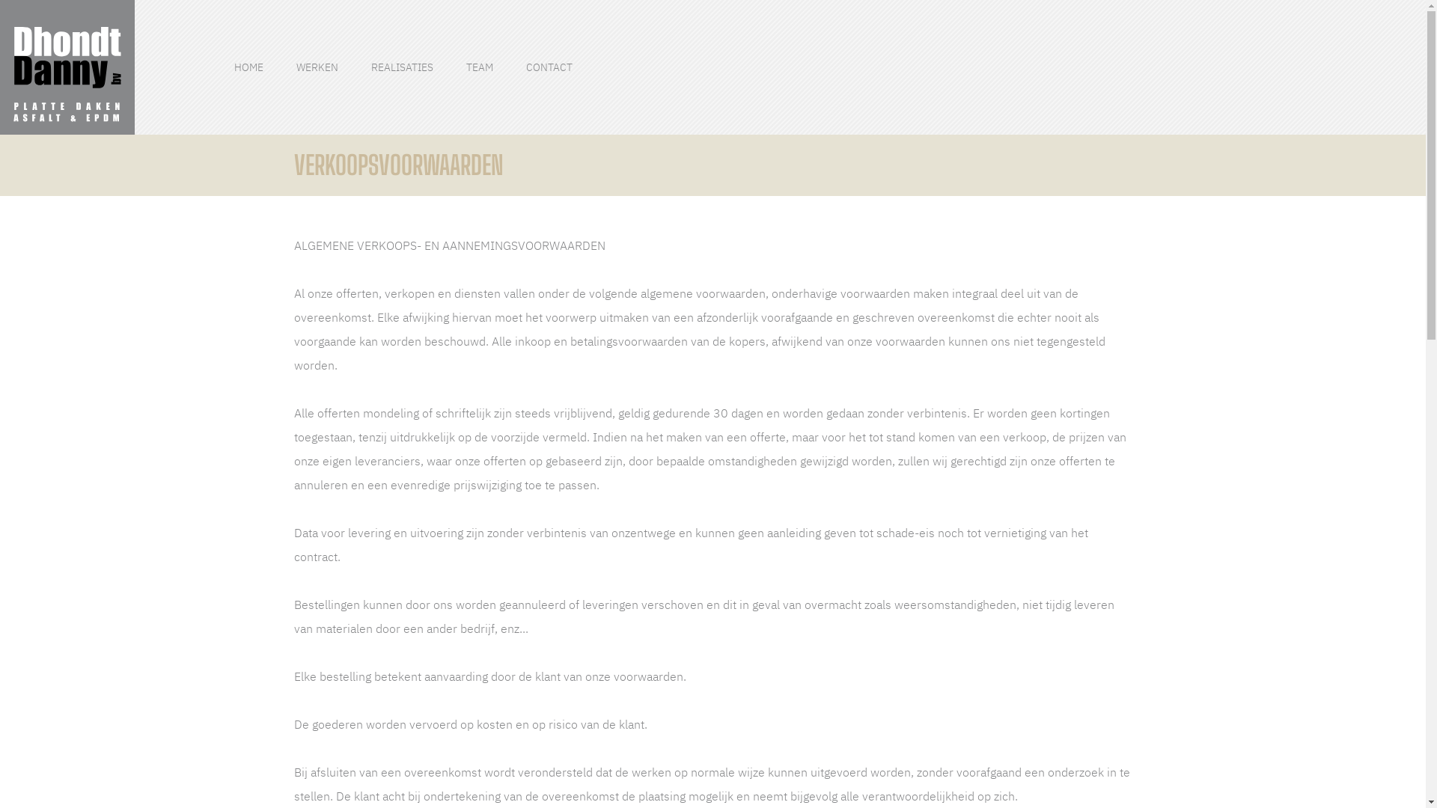  I want to click on 'WERKEN', so click(296, 67).